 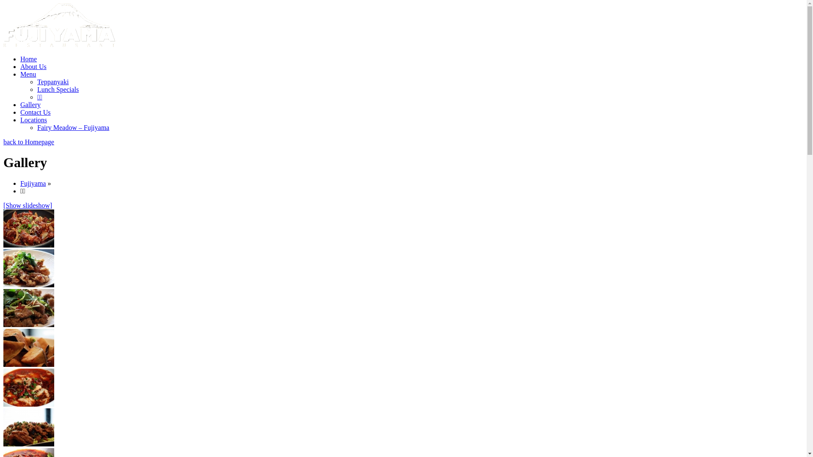 I want to click on '[Show slideshow]', so click(x=28, y=205).